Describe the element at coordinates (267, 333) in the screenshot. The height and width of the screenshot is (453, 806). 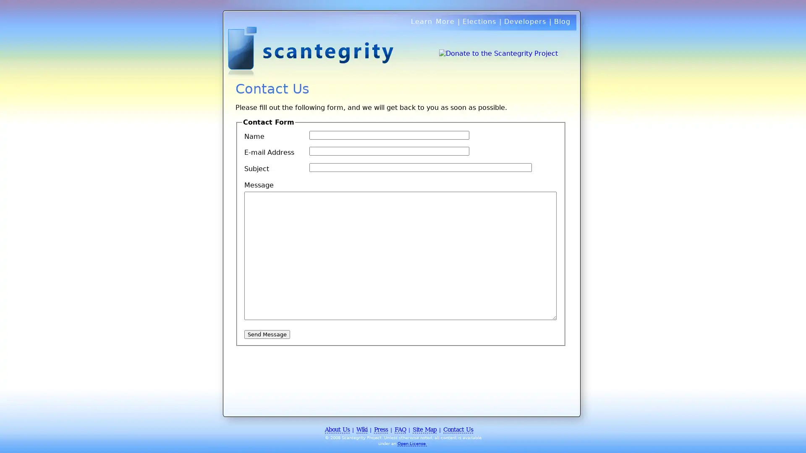
I see `Send Message` at that location.